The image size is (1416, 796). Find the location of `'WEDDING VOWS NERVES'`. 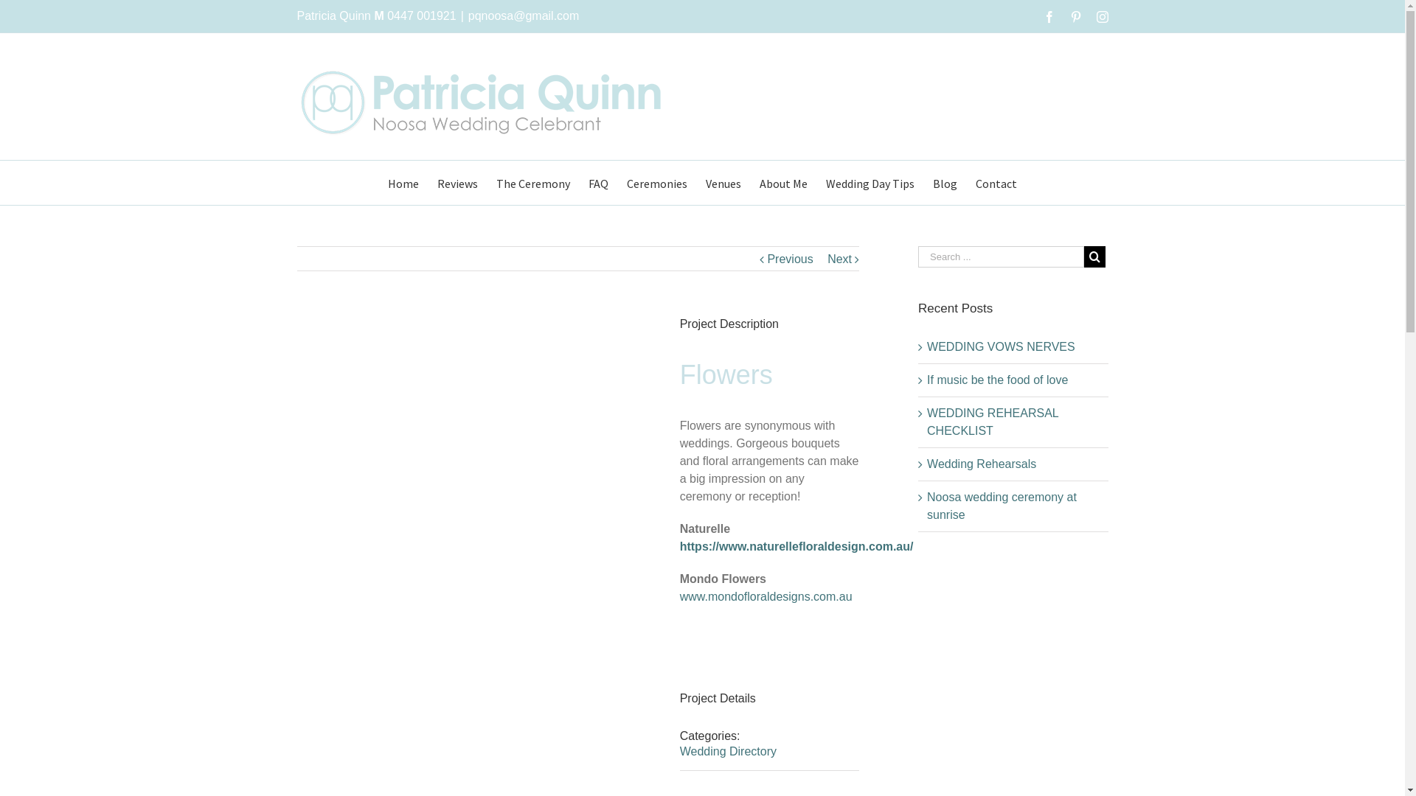

'WEDDING VOWS NERVES' is located at coordinates (926, 346).